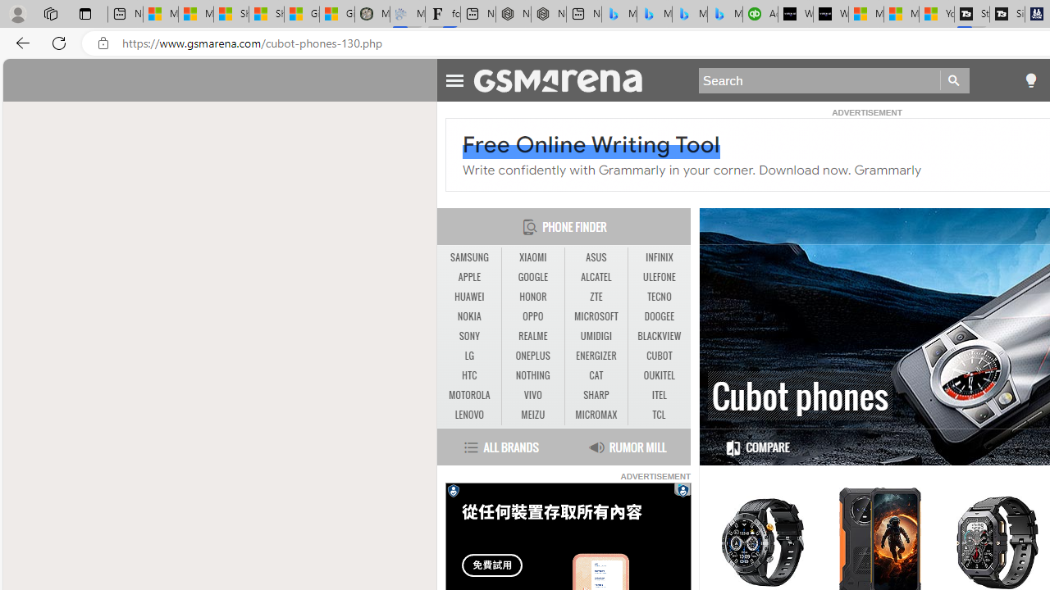 This screenshot has width=1050, height=590. I want to click on 'CAT', so click(596, 375).